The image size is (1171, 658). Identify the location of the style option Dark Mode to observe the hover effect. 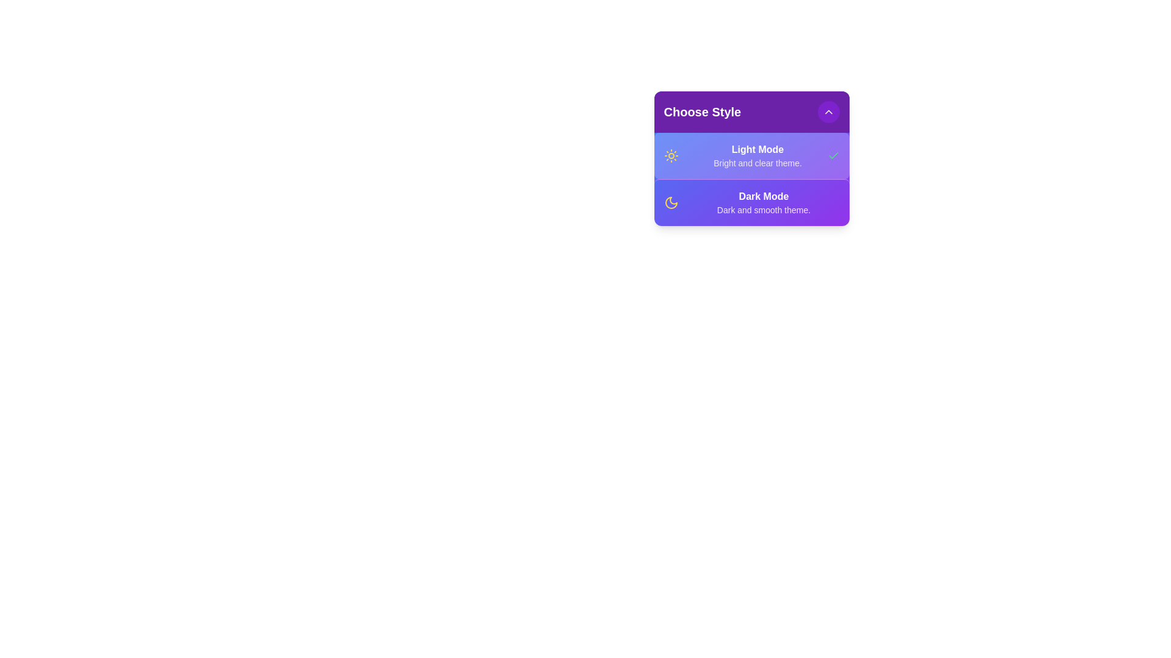
(751, 202).